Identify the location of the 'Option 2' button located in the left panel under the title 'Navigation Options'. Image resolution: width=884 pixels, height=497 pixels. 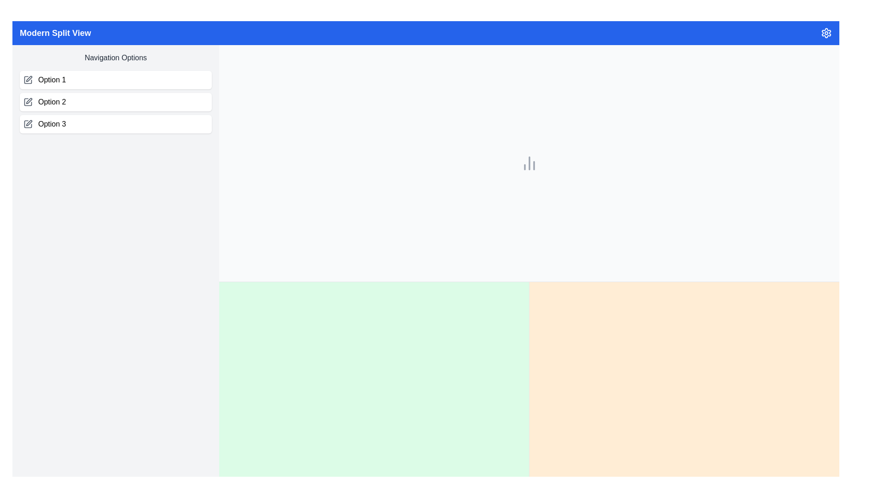
(115, 102).